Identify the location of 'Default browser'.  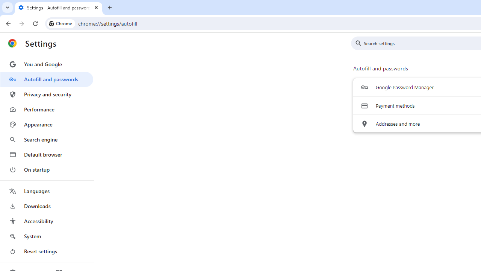
(46, 154).